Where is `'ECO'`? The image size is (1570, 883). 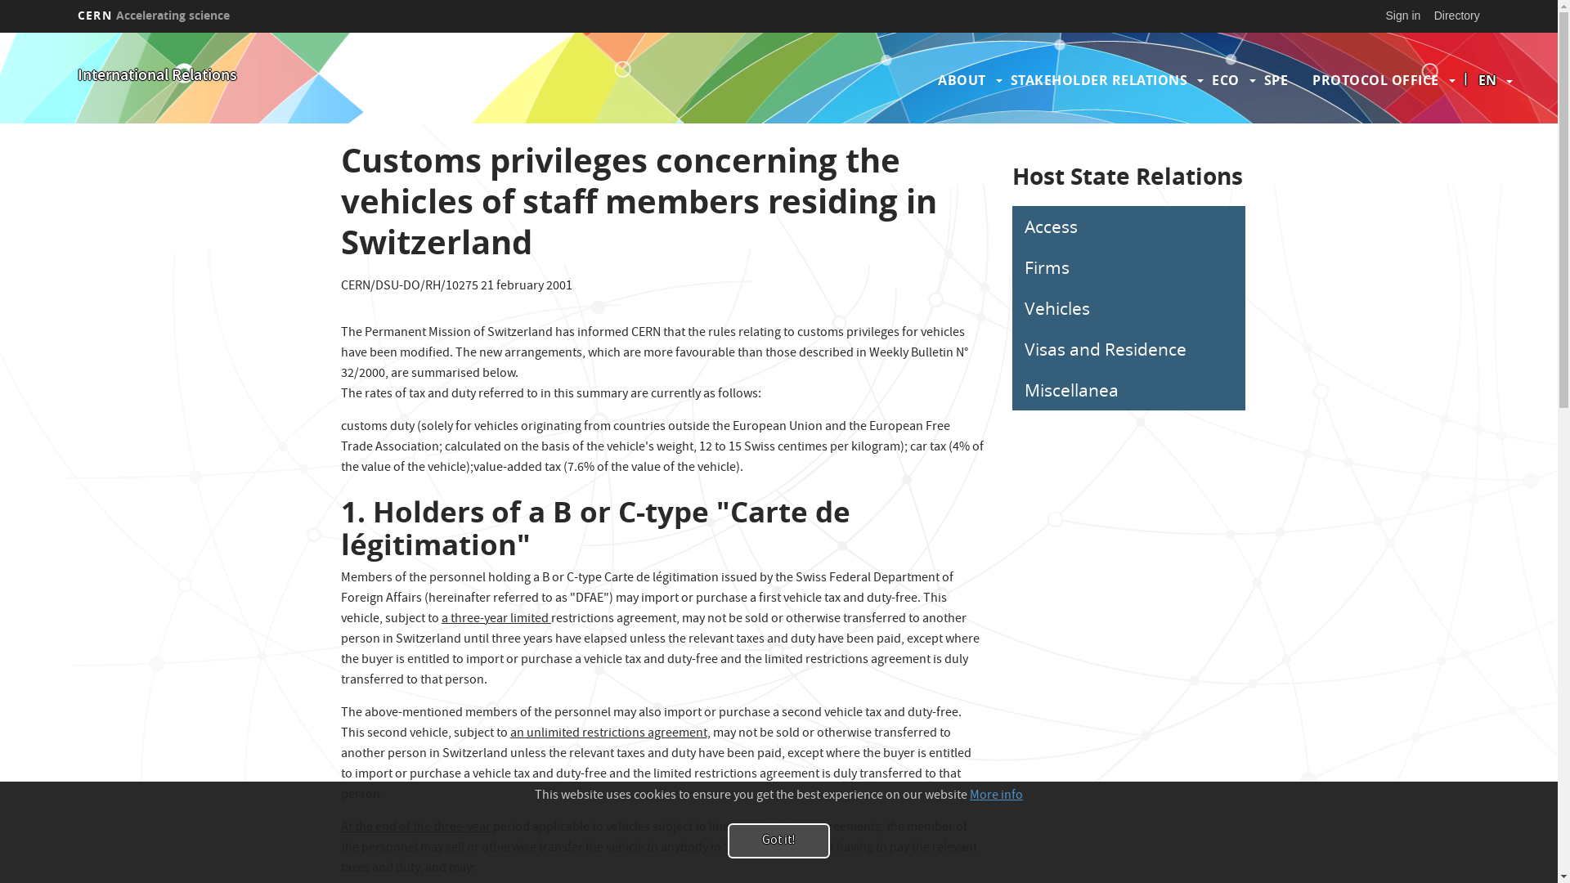
'ECO' is located at coordinates (1225, 79).